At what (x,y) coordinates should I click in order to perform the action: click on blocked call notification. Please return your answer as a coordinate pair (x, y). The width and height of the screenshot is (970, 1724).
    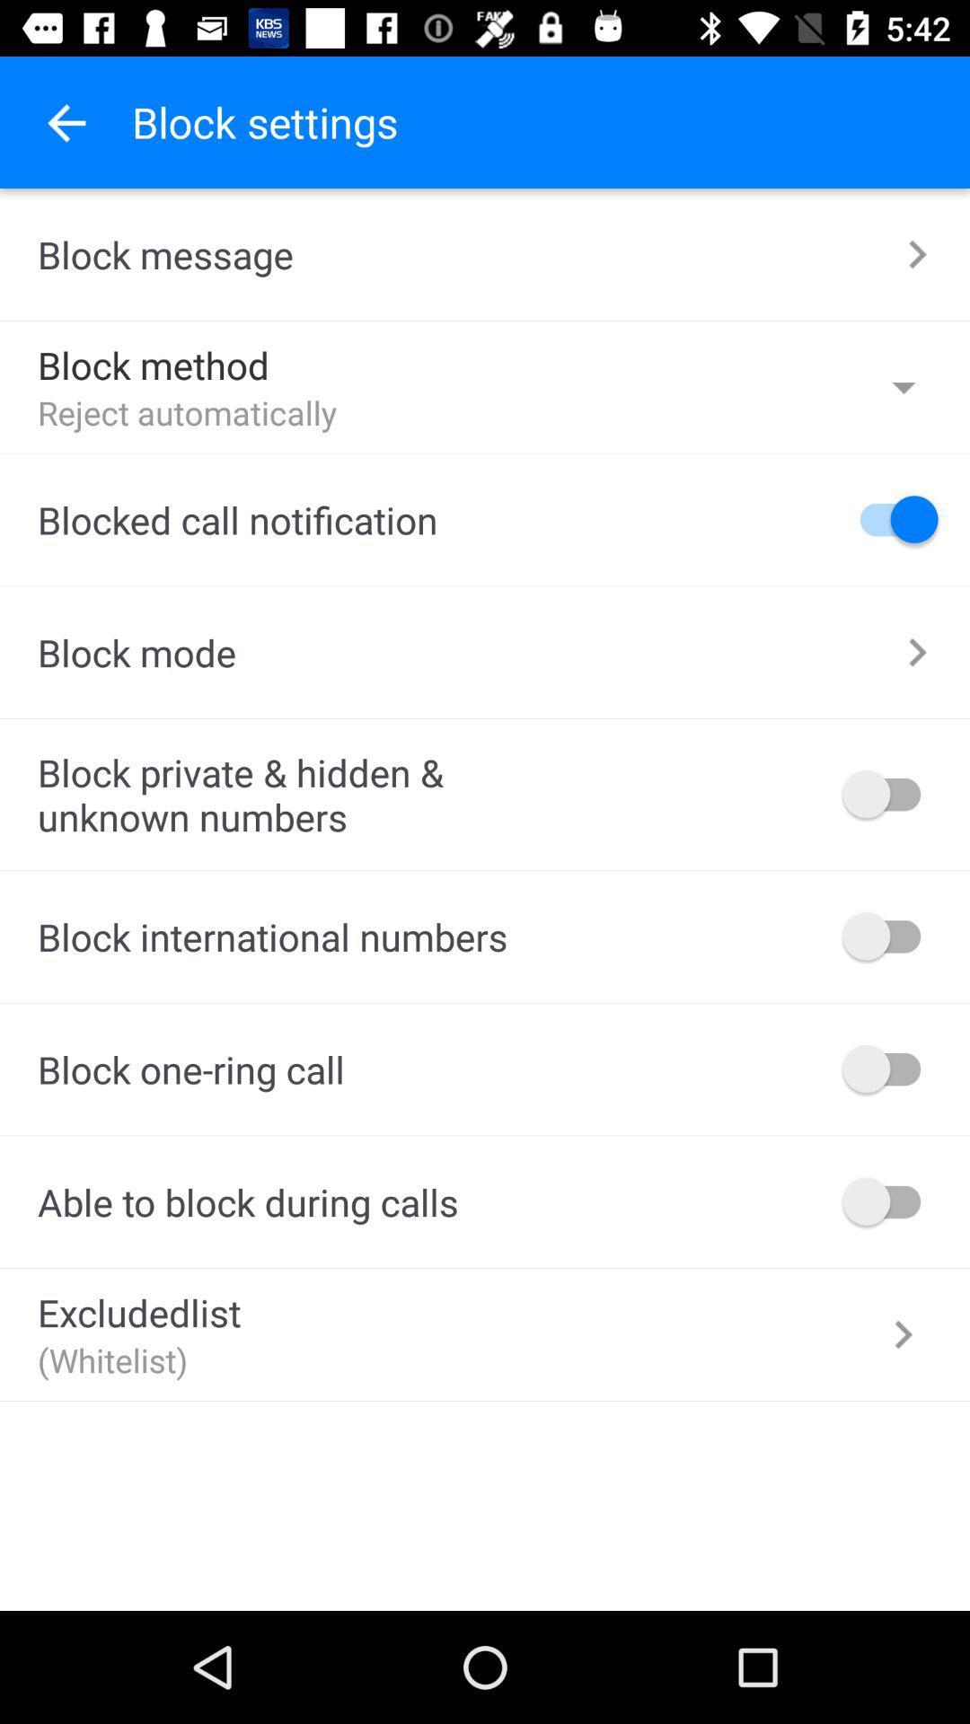
    Looking at the image, I should click on (890, 518).